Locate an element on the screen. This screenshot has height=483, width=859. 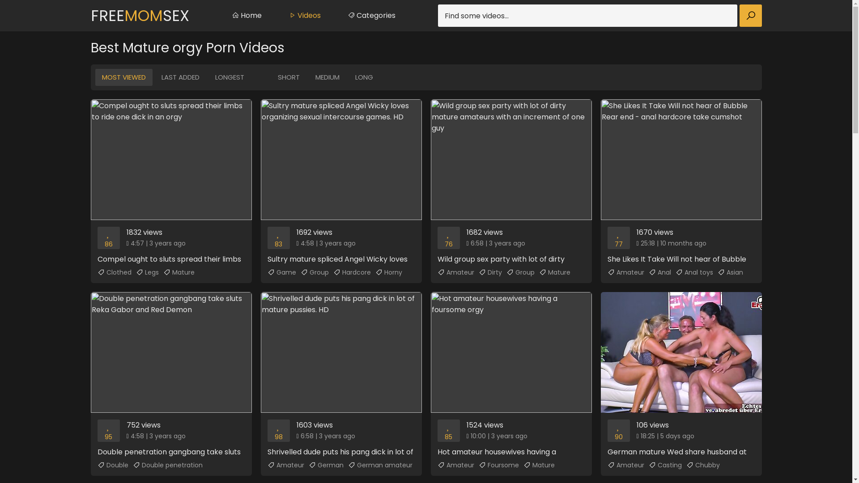
'Anal toys' is located at coordinates (693, 272).